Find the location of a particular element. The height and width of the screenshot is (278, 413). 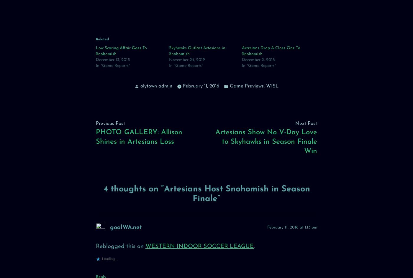

'Reblogged this on' is located at coordinates (120, 246).